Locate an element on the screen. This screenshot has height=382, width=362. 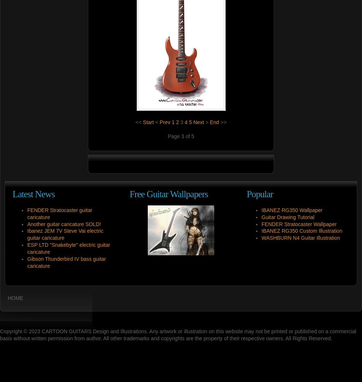
'Latest' is located at coordinates (23, 194).